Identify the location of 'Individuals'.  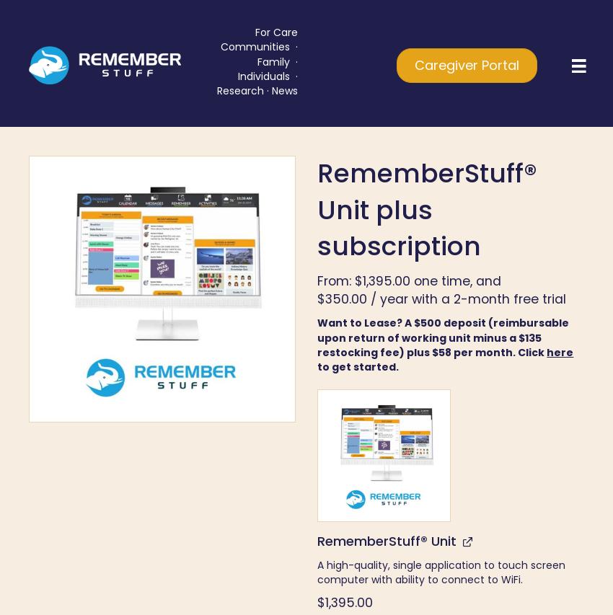
(264, 76).